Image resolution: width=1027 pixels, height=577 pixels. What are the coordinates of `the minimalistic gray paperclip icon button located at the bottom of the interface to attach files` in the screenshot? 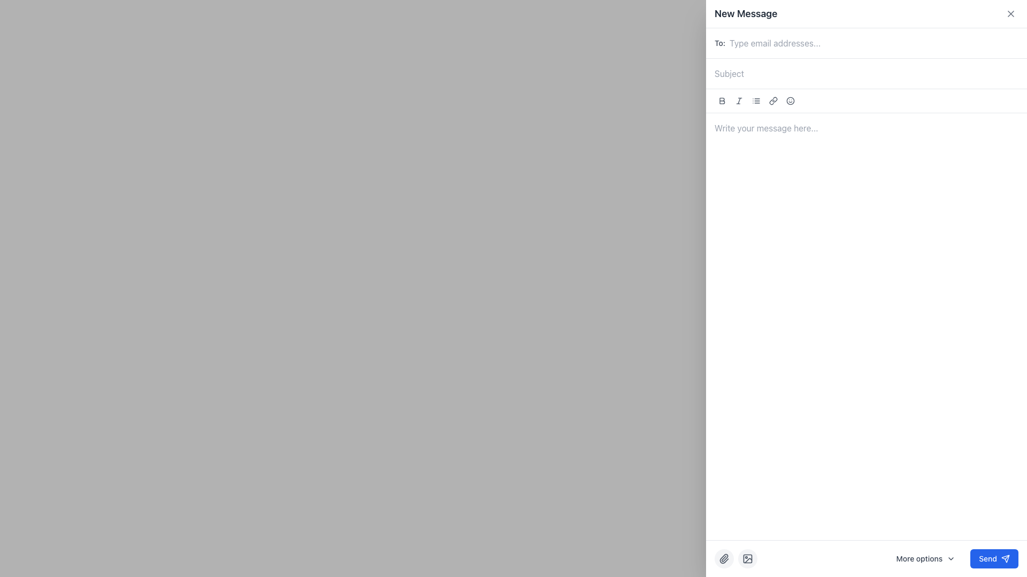 It's located at (724, 558).